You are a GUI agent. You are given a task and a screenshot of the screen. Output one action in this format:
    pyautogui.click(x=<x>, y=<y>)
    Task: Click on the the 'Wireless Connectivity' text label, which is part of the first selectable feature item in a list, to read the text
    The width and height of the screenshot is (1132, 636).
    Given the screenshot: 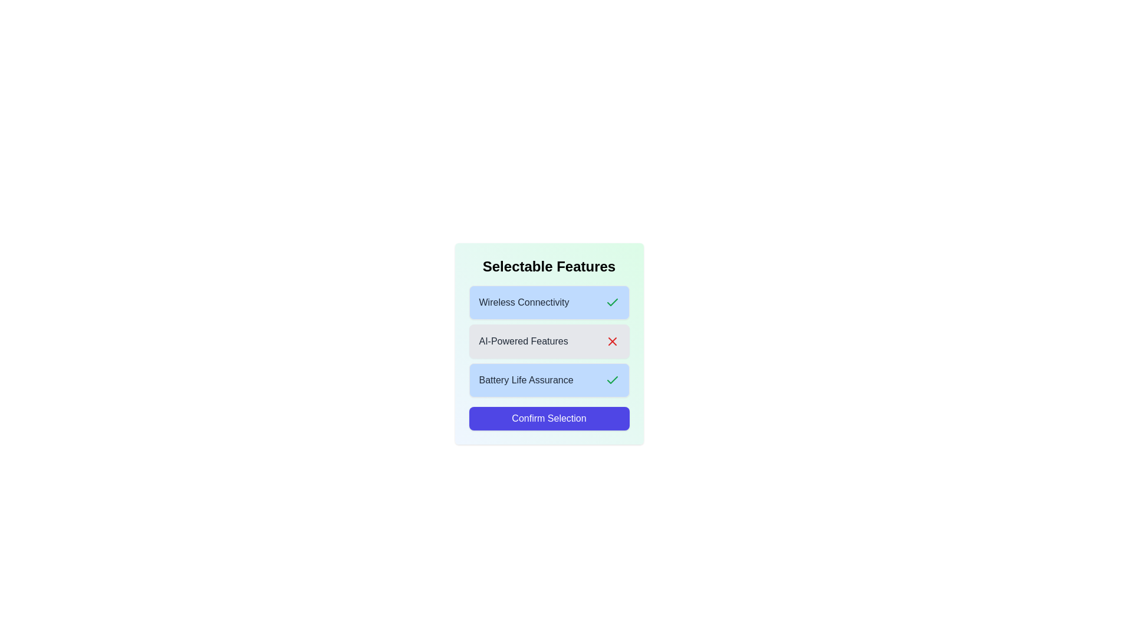 What is the action you would take?
    pyautogui.click(x=523, y=302)
    